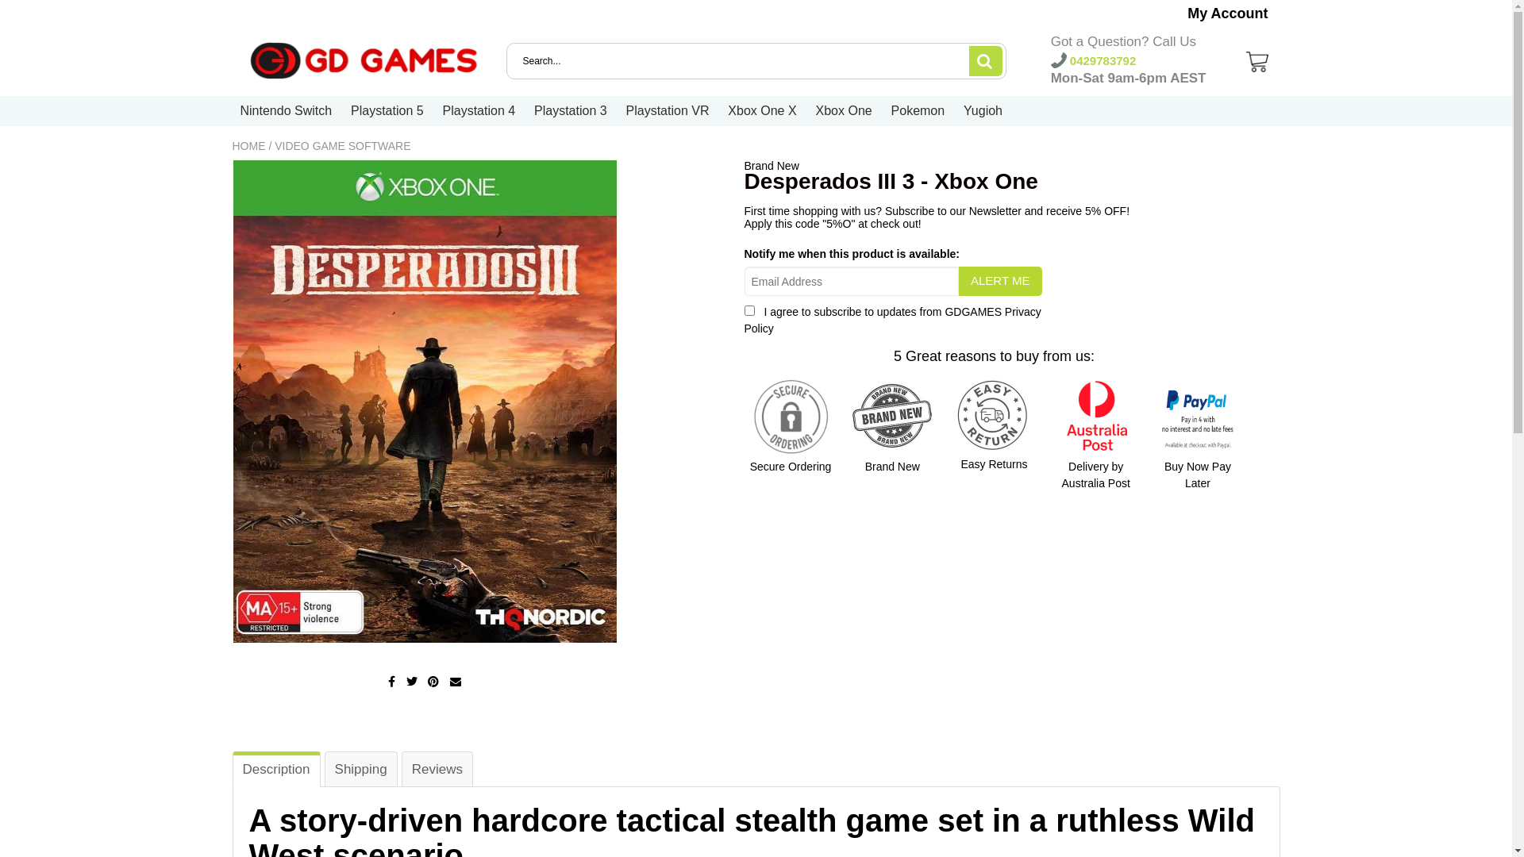 The width and height of the screenshot is (1524, 857). What do you see at coordinates (571, 110) in the screenshot?
I see `'Playstation 3'` at bounding box center [571, 110].